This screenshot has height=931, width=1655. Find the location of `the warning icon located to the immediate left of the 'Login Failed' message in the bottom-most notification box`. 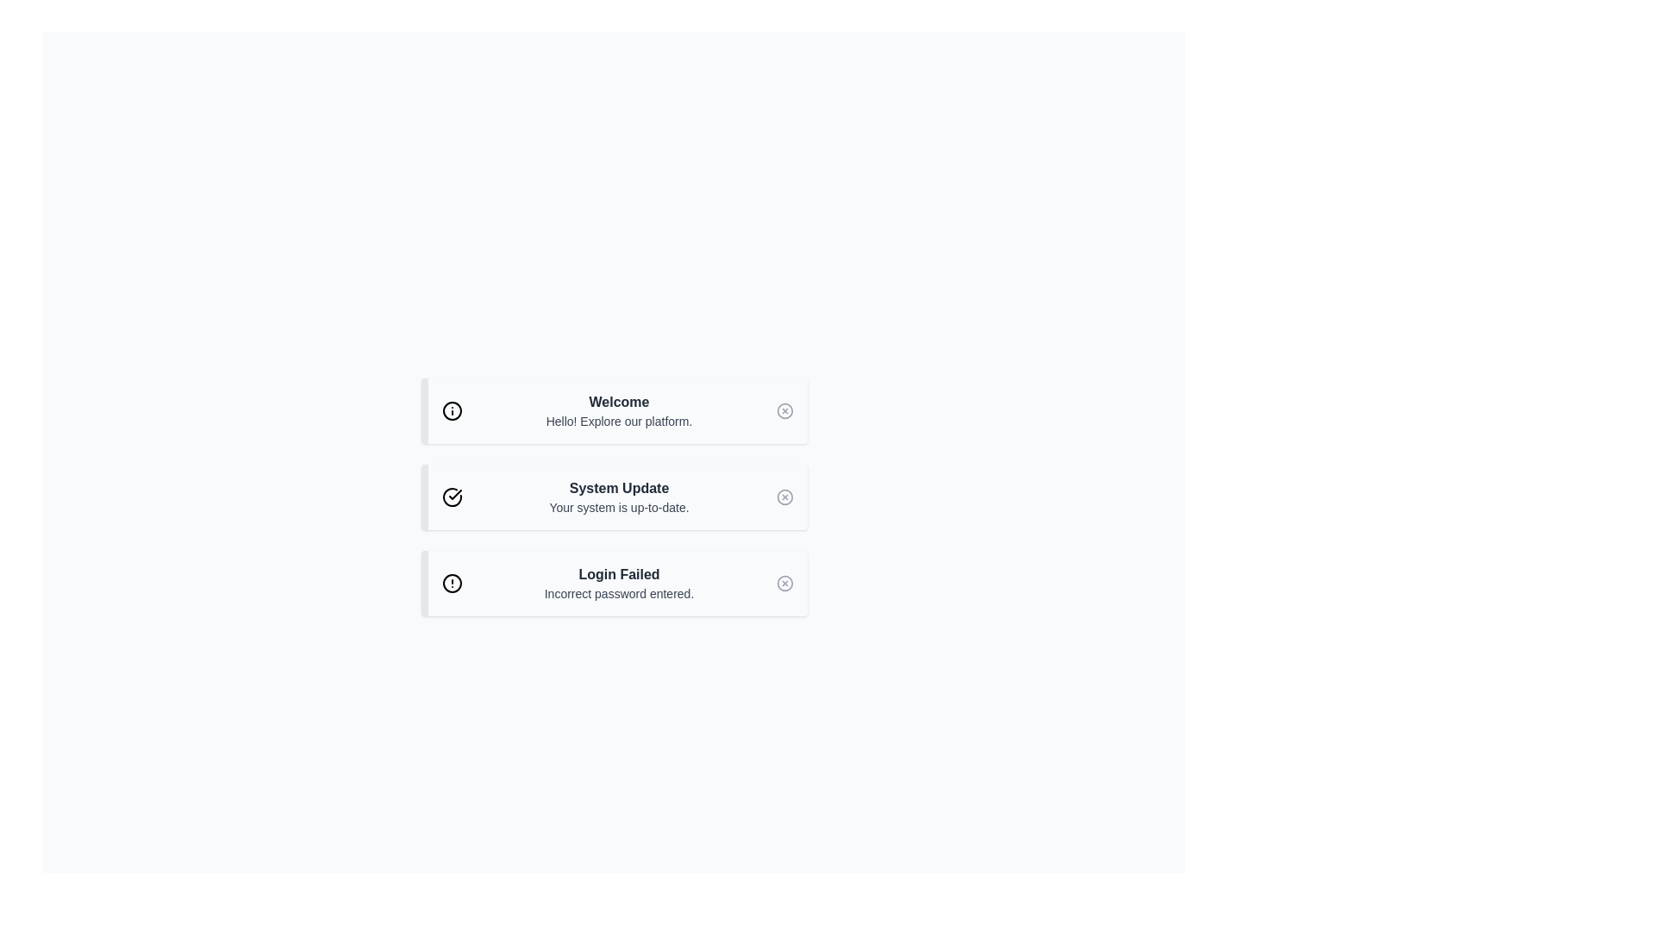

the warning icon located to the immediate left of the 'Login Failed' message in the bottom-most notification box is located at coordinates (452, 583).